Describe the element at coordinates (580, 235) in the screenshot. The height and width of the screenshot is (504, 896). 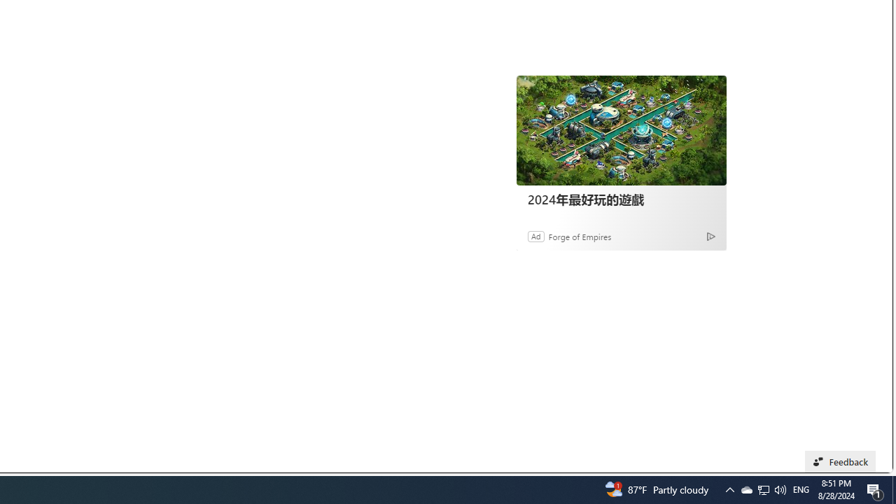
I see `'Forge of Empires'` at that location.